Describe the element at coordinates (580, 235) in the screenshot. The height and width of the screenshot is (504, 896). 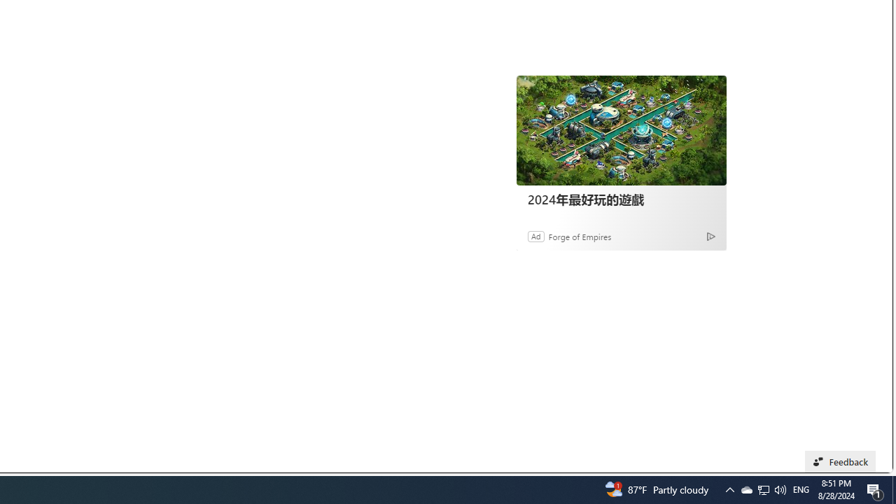
I see `'Forge of Empires'` at that location.